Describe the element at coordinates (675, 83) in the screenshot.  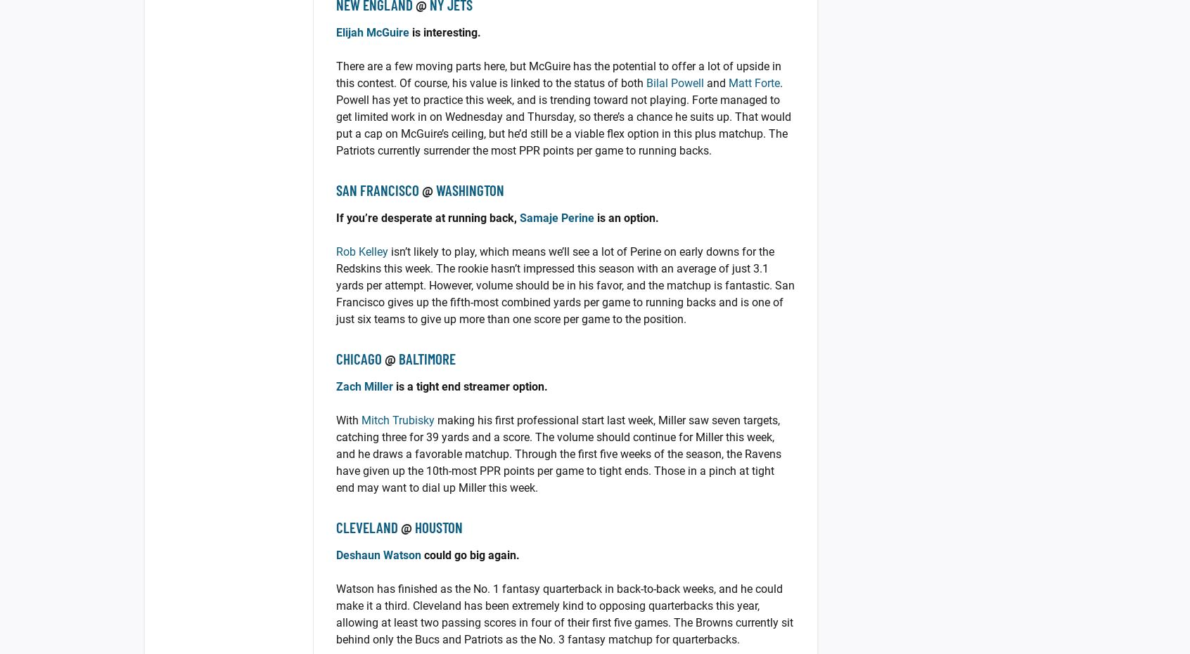
I see `'Bilal Powell'` at that location.